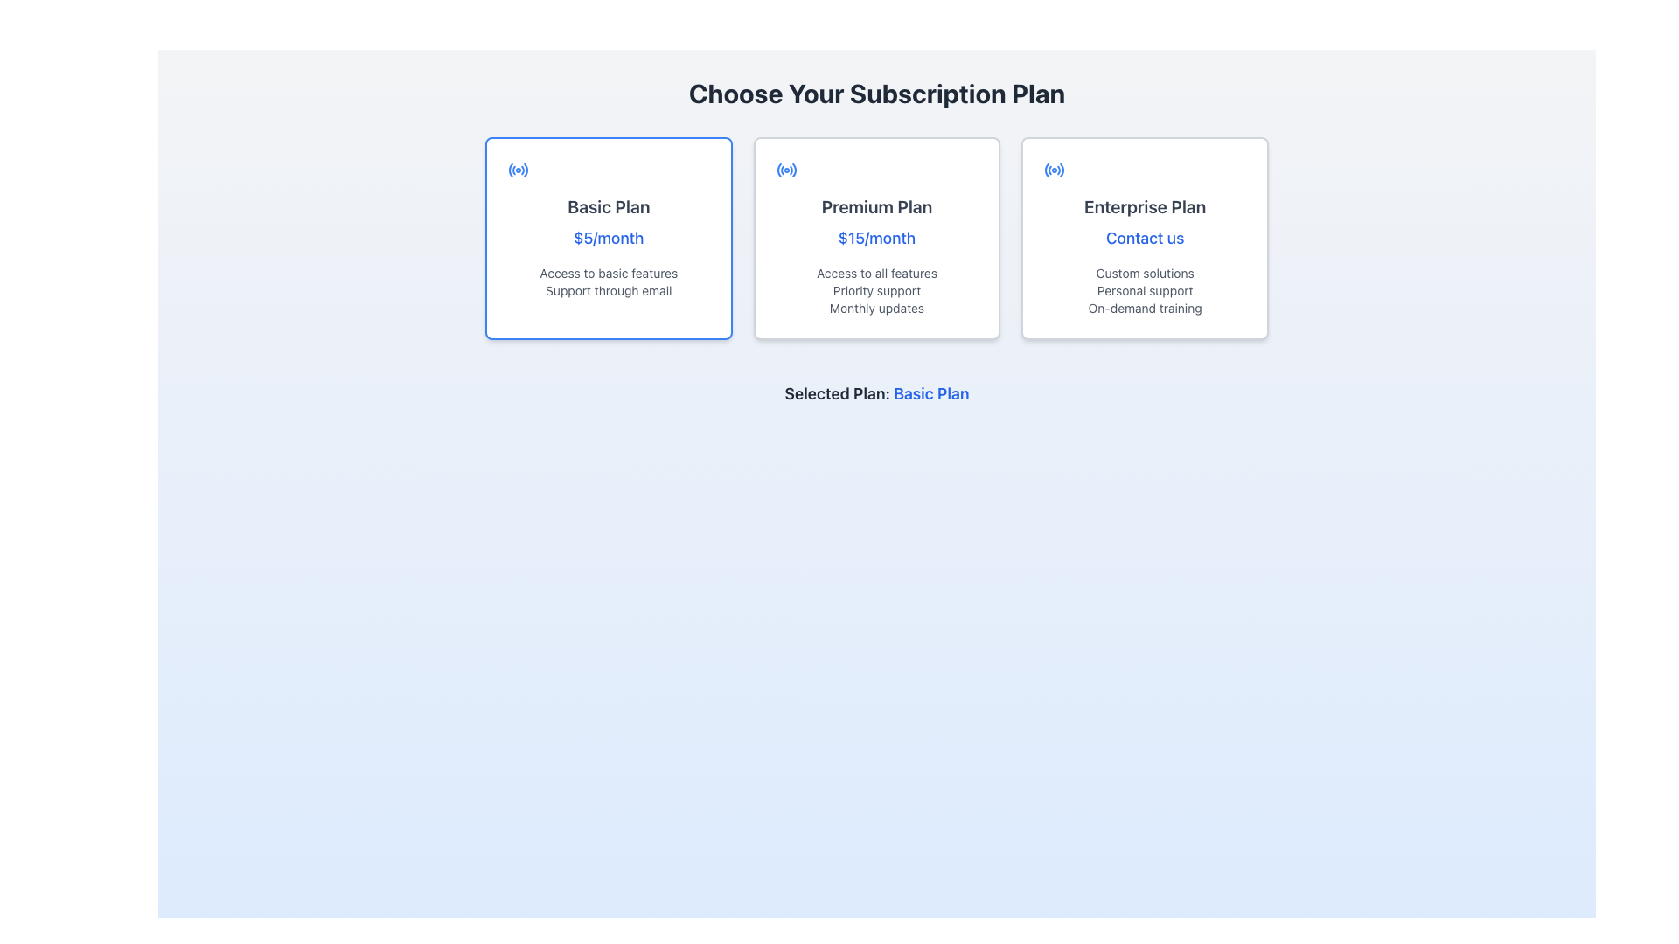  I want to click on the 'Premium Plan' subscription card, which is the second card in a row of three subscription options, so click(877, 239).